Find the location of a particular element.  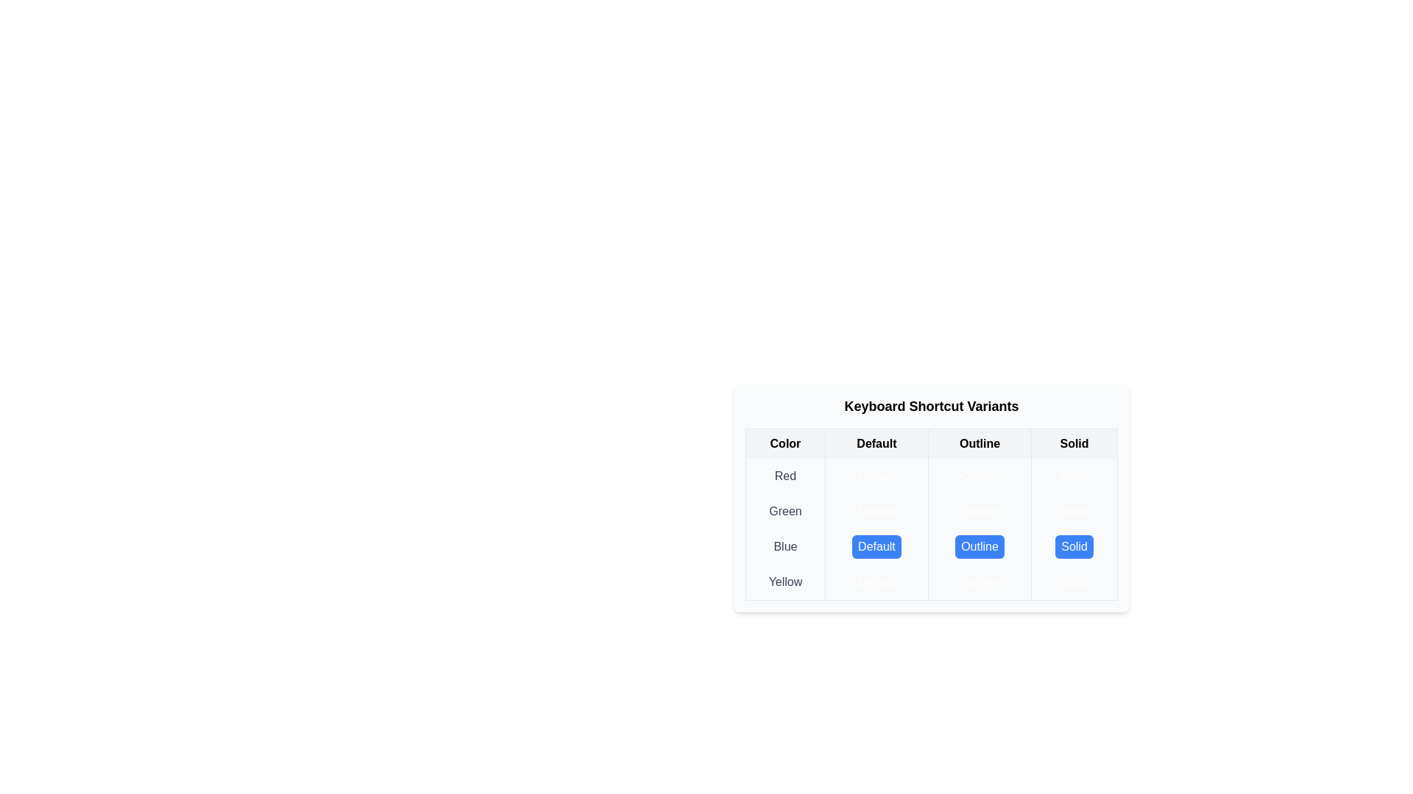

the 'Green' text label located in the second row of the 'Color' column within the table layout, which is positioned between 'Red' and 'Blue' is located at coordinates (785, 510).